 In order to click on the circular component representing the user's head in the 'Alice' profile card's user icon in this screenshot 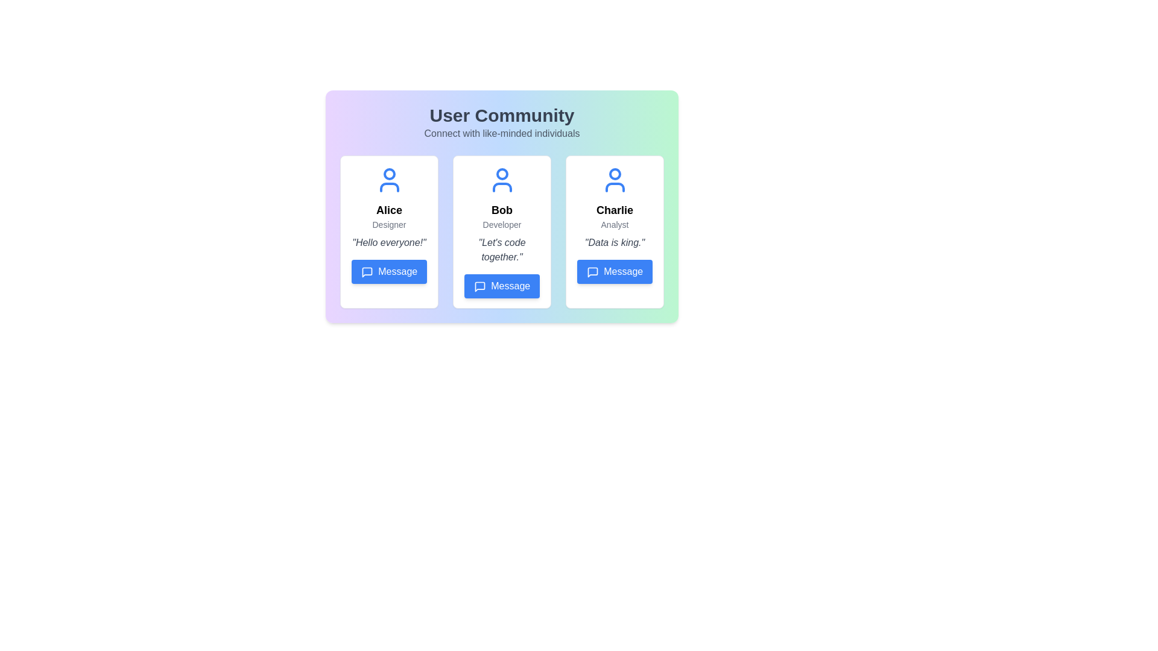, I will do `click(389, 174)`.